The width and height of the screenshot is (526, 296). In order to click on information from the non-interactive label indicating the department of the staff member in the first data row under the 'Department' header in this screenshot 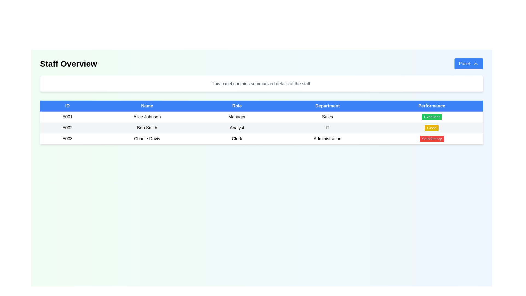, I will do `click(327, 117)`.